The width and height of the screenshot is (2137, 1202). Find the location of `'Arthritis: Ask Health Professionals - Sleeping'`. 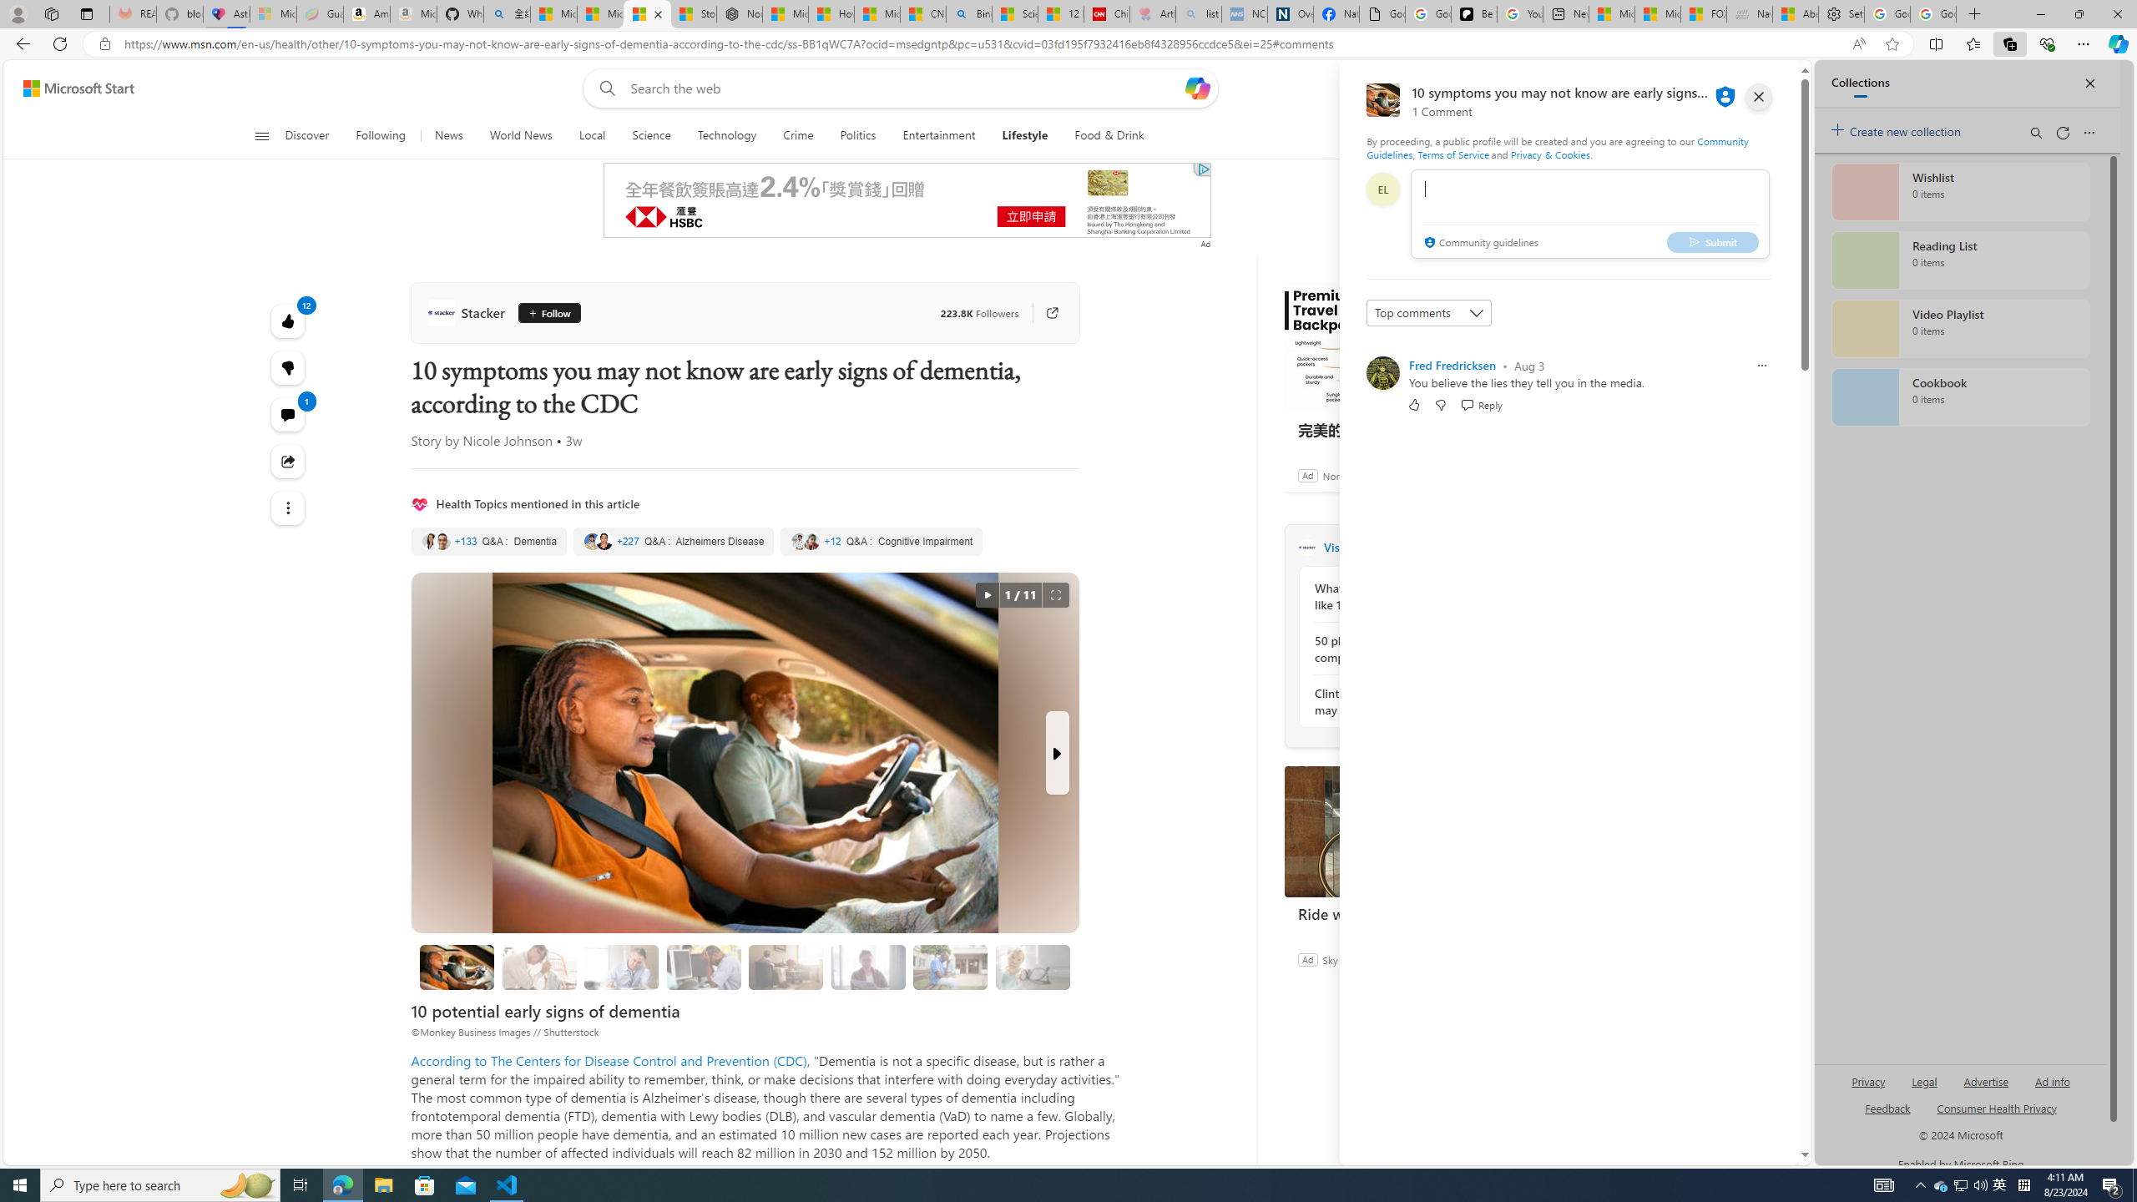

'Arthritis: Ask Health Professionals - Sleeping' is located at coordinates (1153, 13).